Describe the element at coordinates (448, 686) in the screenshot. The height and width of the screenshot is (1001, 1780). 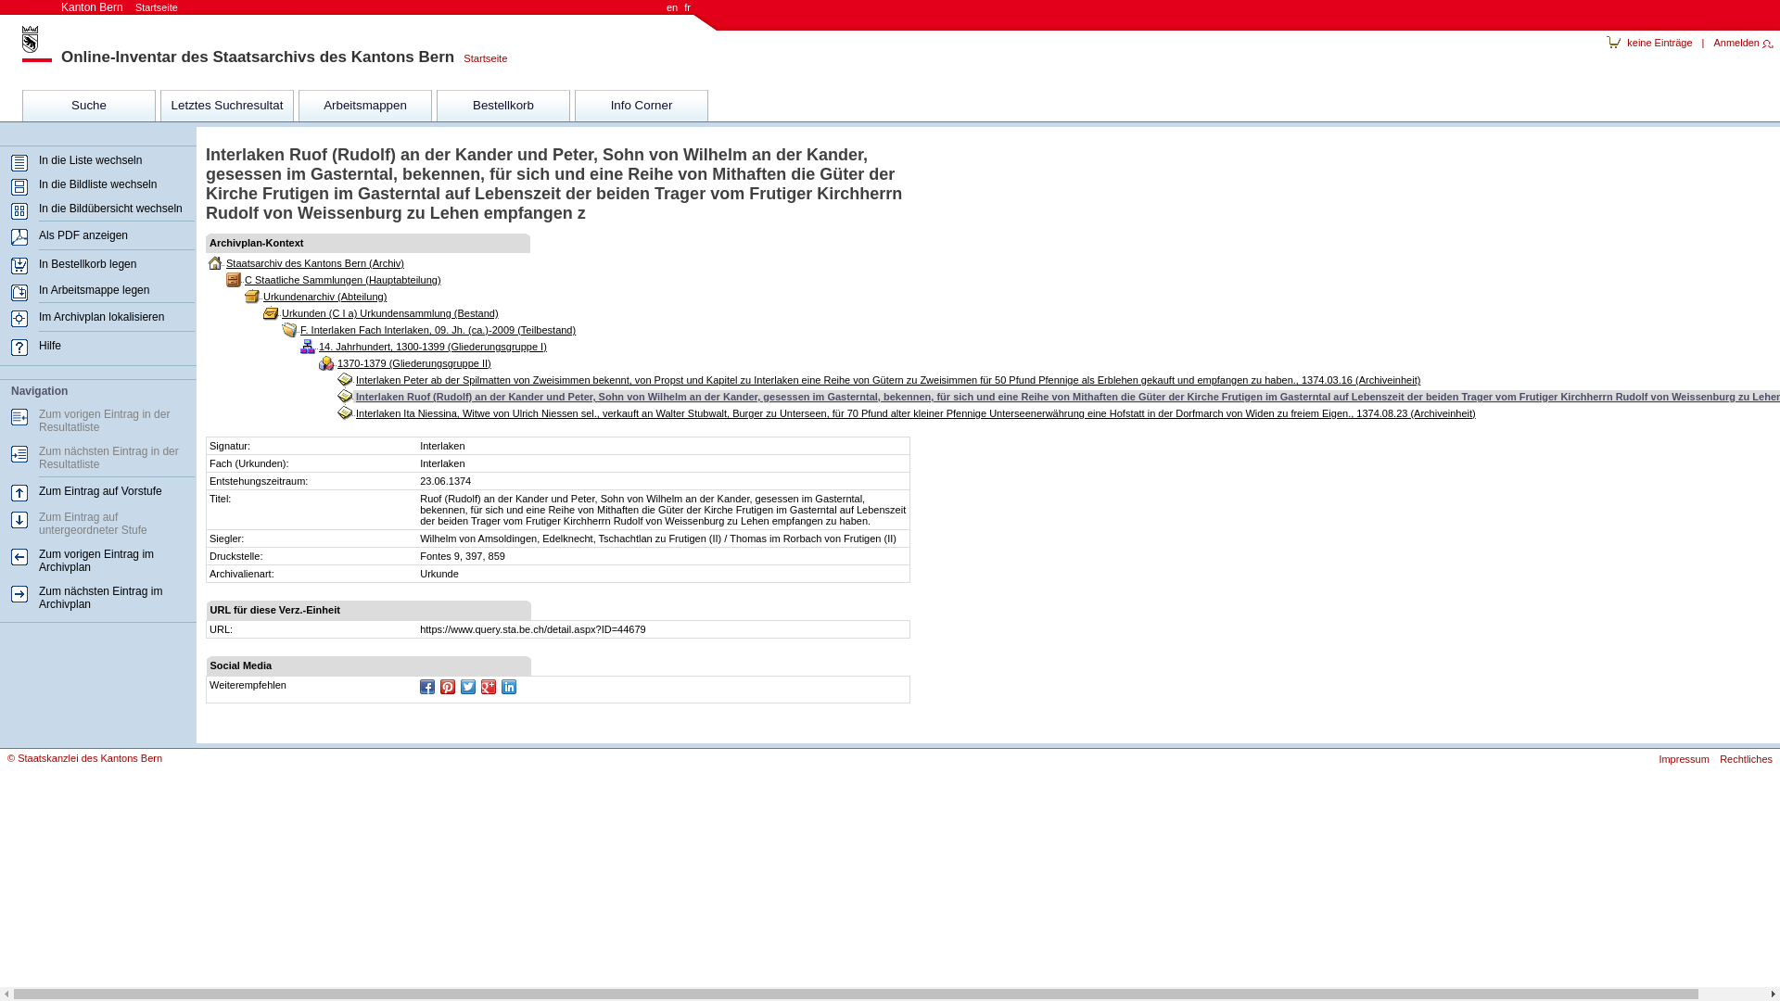
I see `'Pinterest'` at that location.